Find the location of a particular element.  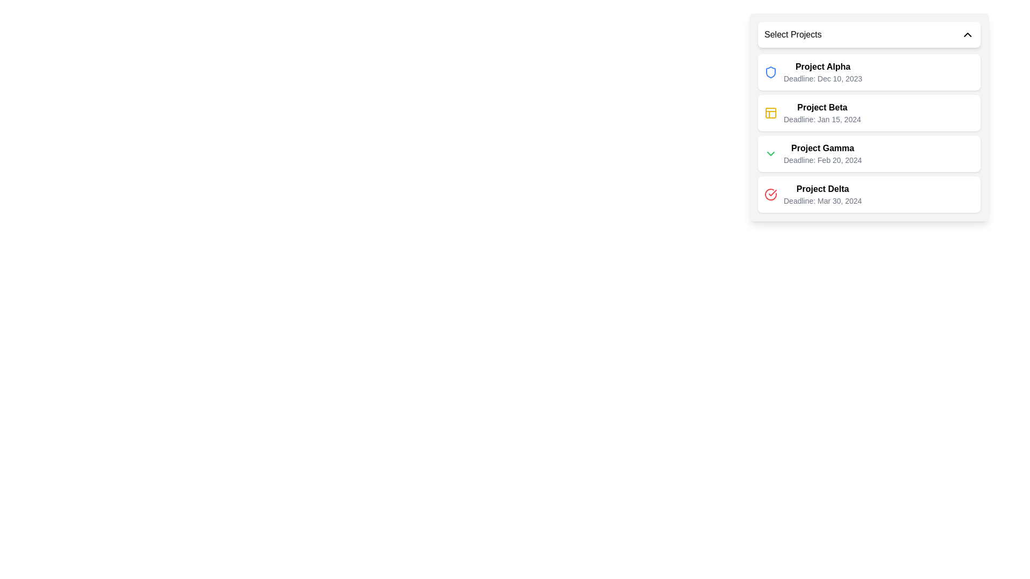

the text label 'Project Beta' which is prominently displayed in bold within the dropdown panel's second entry is located at coordinates (821, 107).